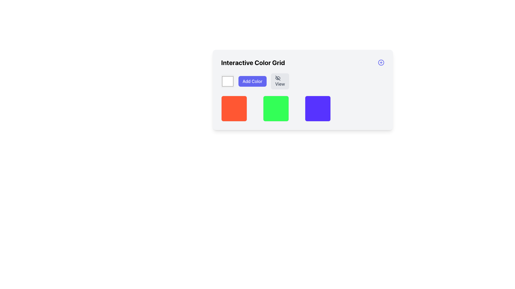  I want to click on the eye icon with a slashed line through it, which indicates a hidden or disabled visibility state, located next to the 'View' button, so click(278, 78).